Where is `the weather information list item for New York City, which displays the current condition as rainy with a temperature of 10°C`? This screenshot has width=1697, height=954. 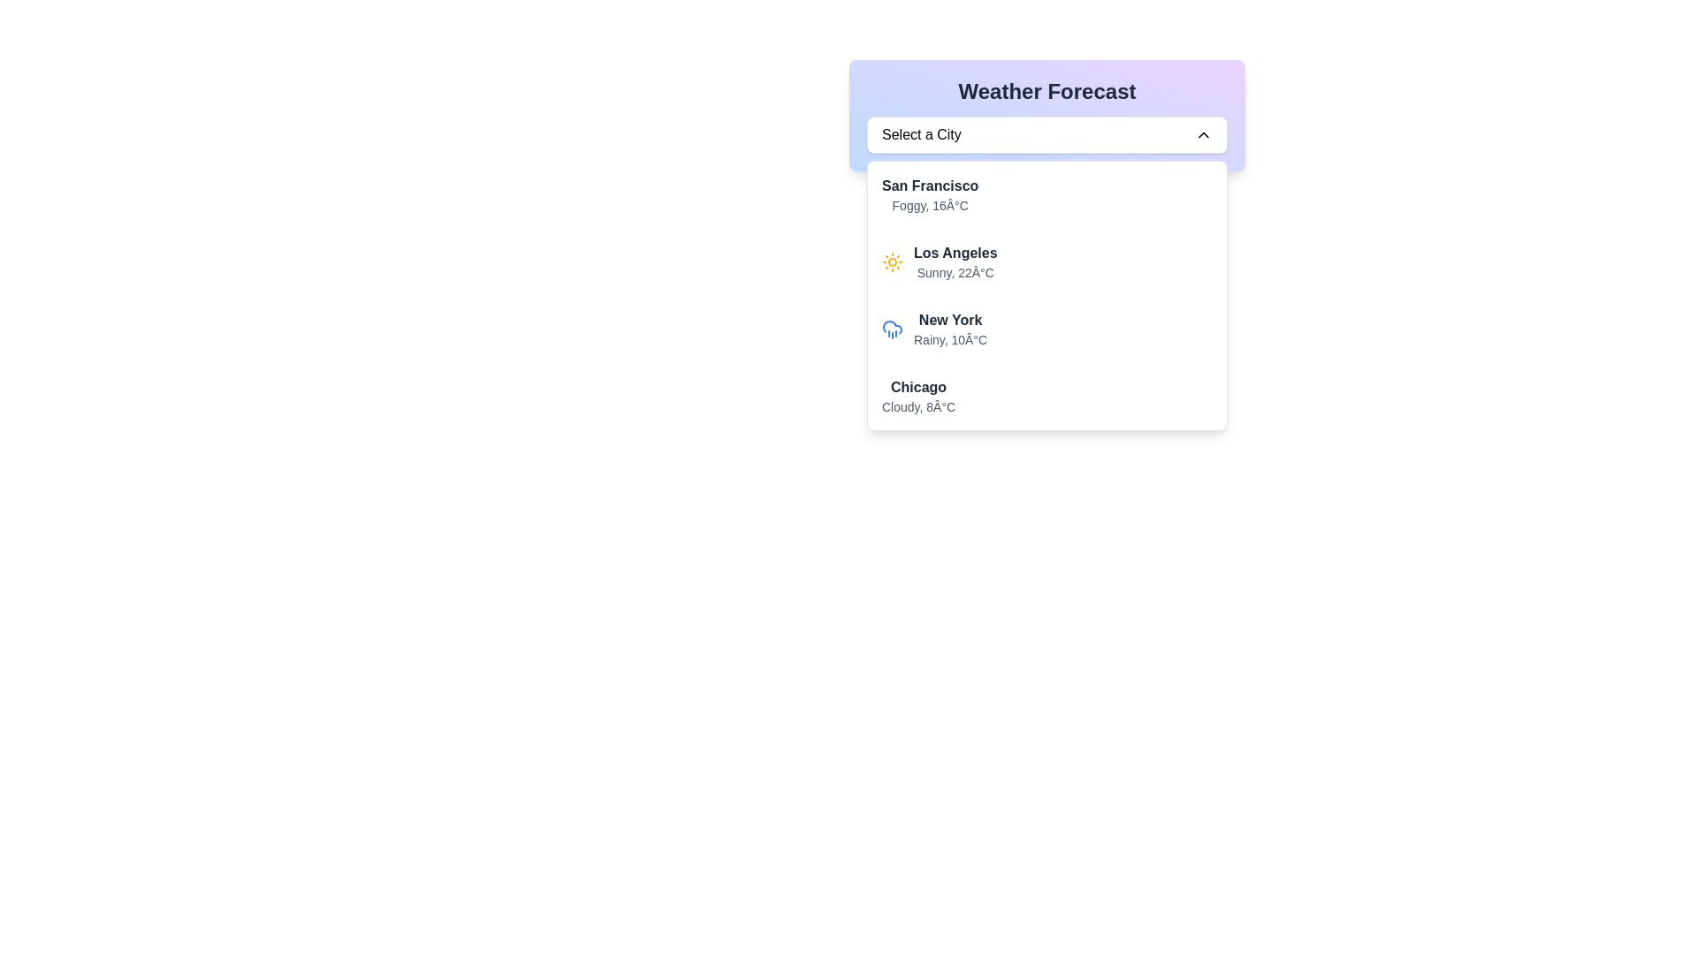 the weather information list item for New York City, which displays the current condition as rainy with a temperature of 10°C is located at coordinates (1047, 329).